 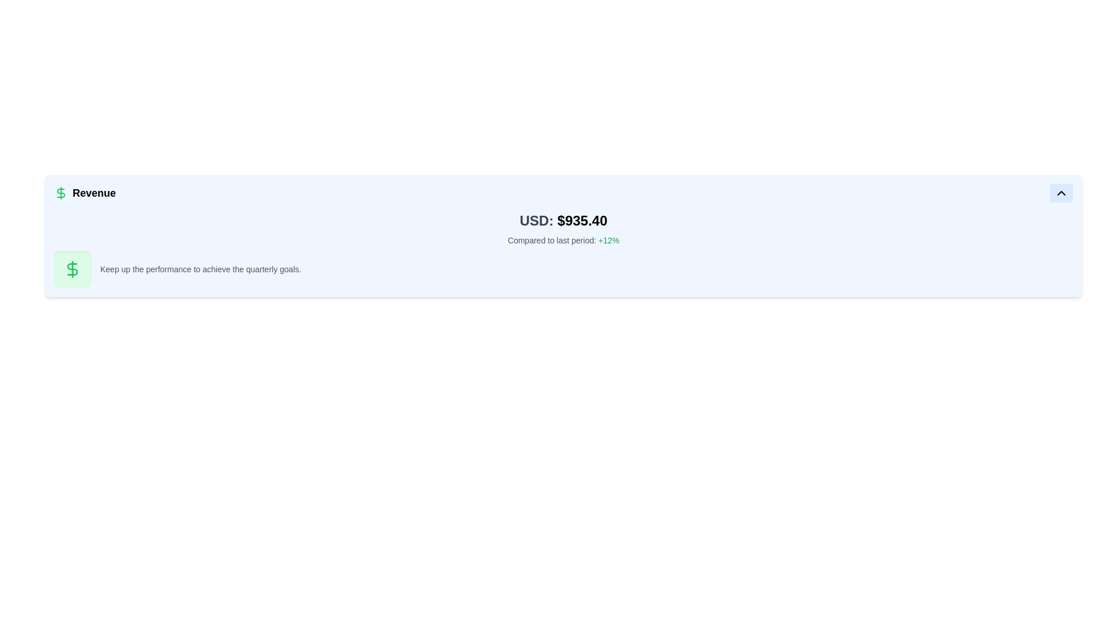 What do you see at coordinates (71, 269) in the screenshot?
I see `the financial icon located in the bottom left region next to the text 'Keep up the performance to achieve the quarterly goals.'` at bounding box center [71, 269].